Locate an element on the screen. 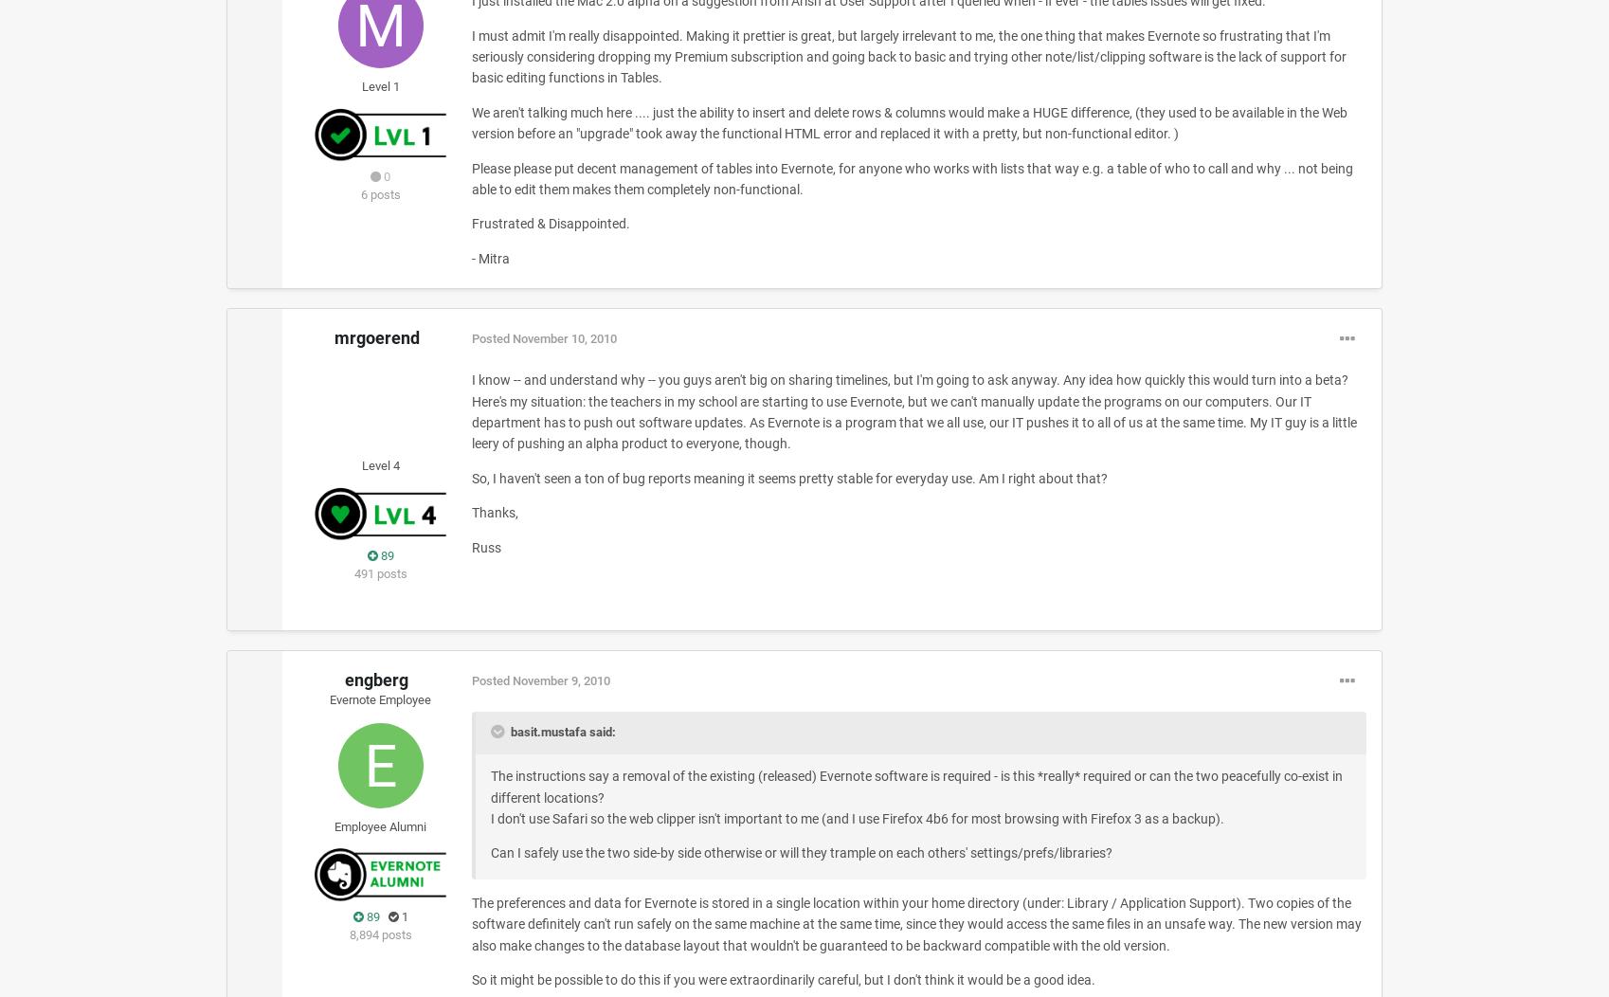 The width and height of the screenshot is (1609, 997). 'Please please put decent management of tables into Evernote, for anyone who works with lists that way e.g. a table of who to call and why ... not being able to edit them makes them completely non-functional.' is located at coordinates (910, 178).